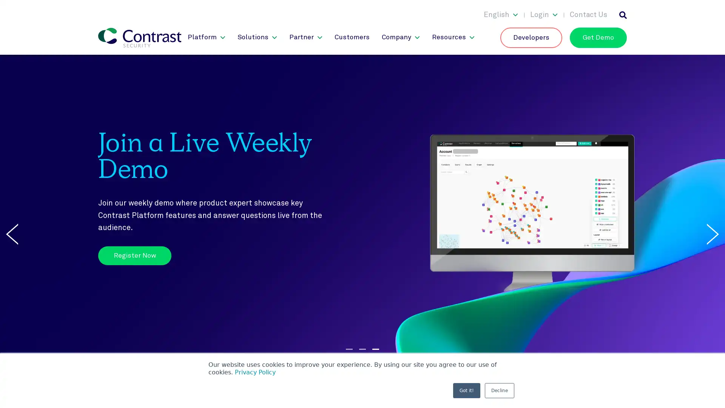 The width and height of the screenshot is (725, 408). Describe the element at coordinates (12, 233) in the screenshot. I see `Previous` at that location.